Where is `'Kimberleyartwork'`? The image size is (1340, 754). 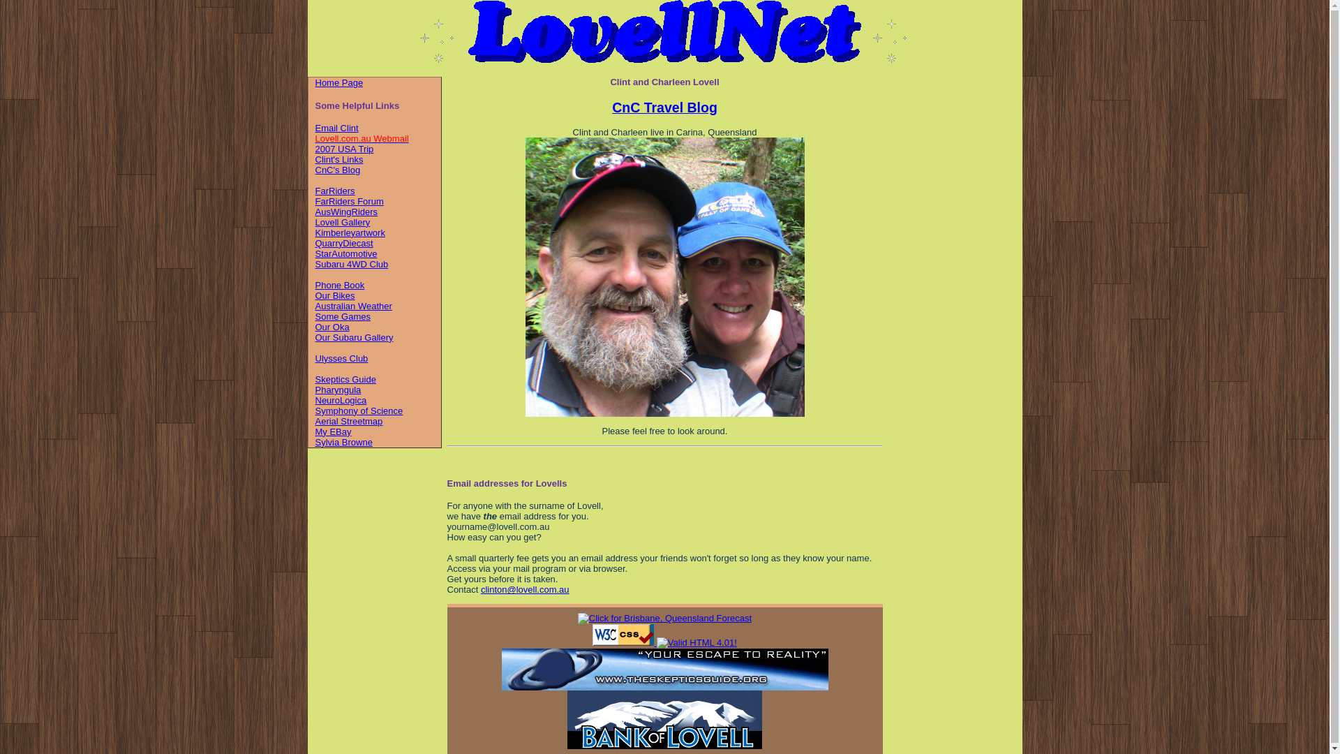
'Kimberleyartwork' is located at coordinates (350, 232).